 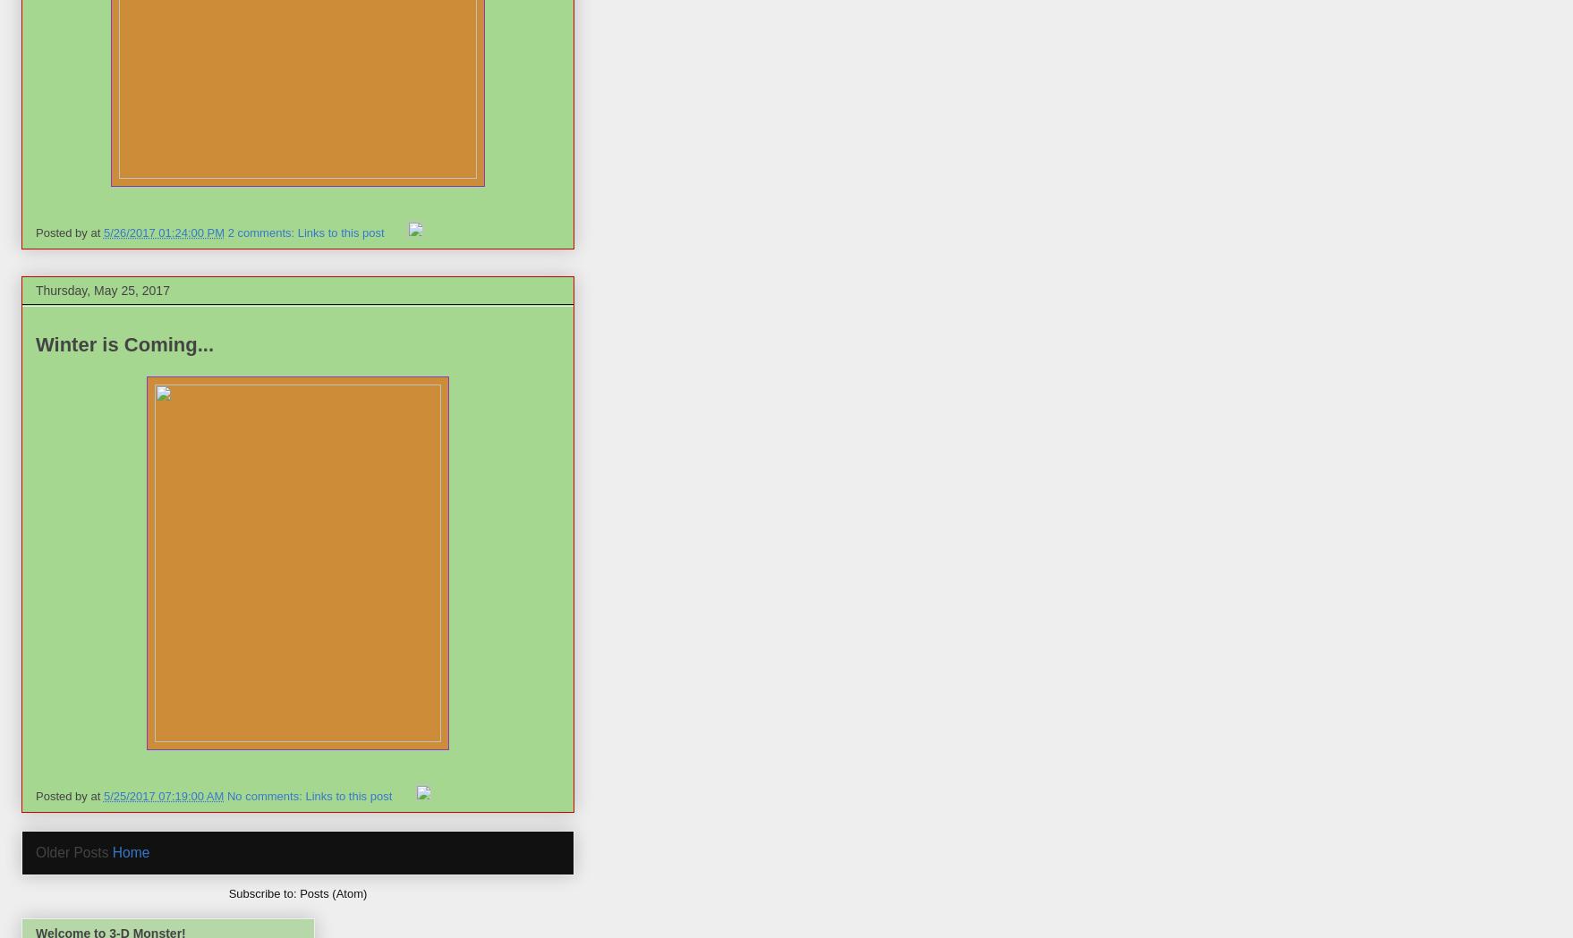 I want to click on '5/26/2017 01:24:00 PM', so click(x=163, y=231).